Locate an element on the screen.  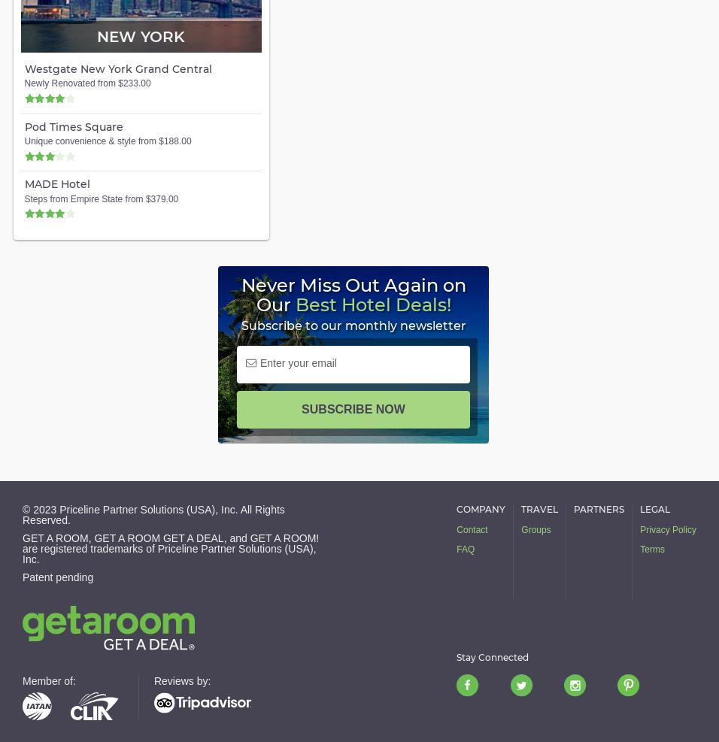
'FAQ' is located at coordinates (466, 547).